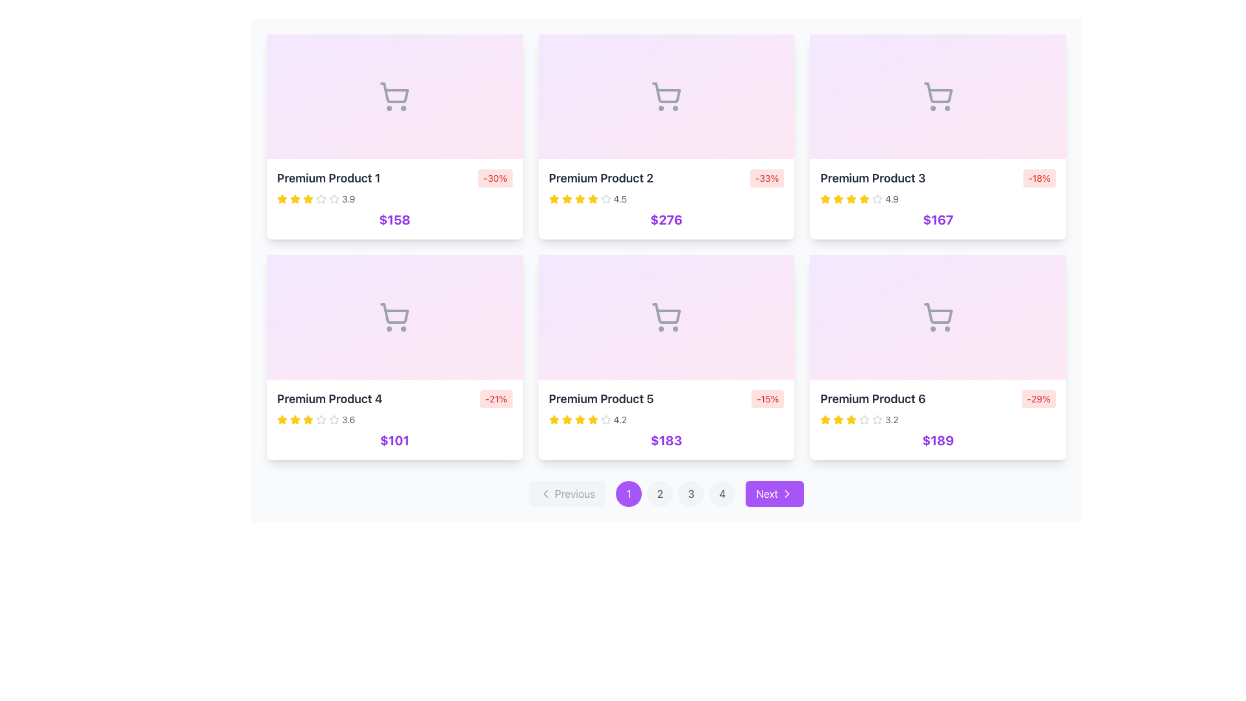 This screenshot has width=1246, height=701. What do you see at coordinates (321, 420) in the screenshot?
I see `properties of the sixth star icon in the rating row of the 'Premium Product 4' card, which is currently unselected` at bounding box center [321, 420].